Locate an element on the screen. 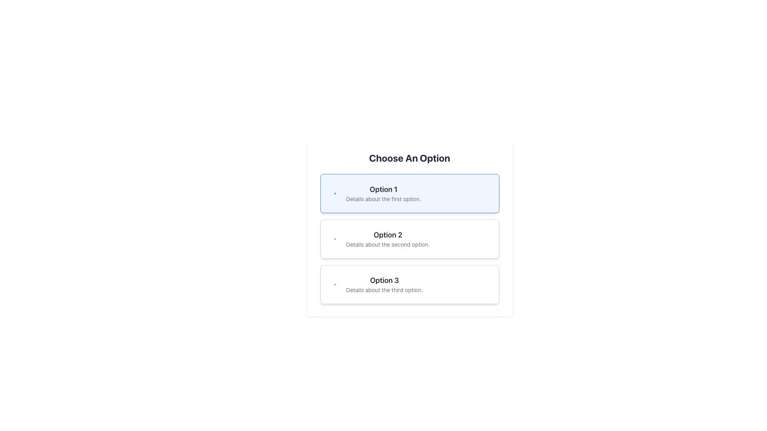 This screenshot has height=431, width=767. the text block that displays the title and description for the third selectable option in the list is located at coordinates (384, 284).